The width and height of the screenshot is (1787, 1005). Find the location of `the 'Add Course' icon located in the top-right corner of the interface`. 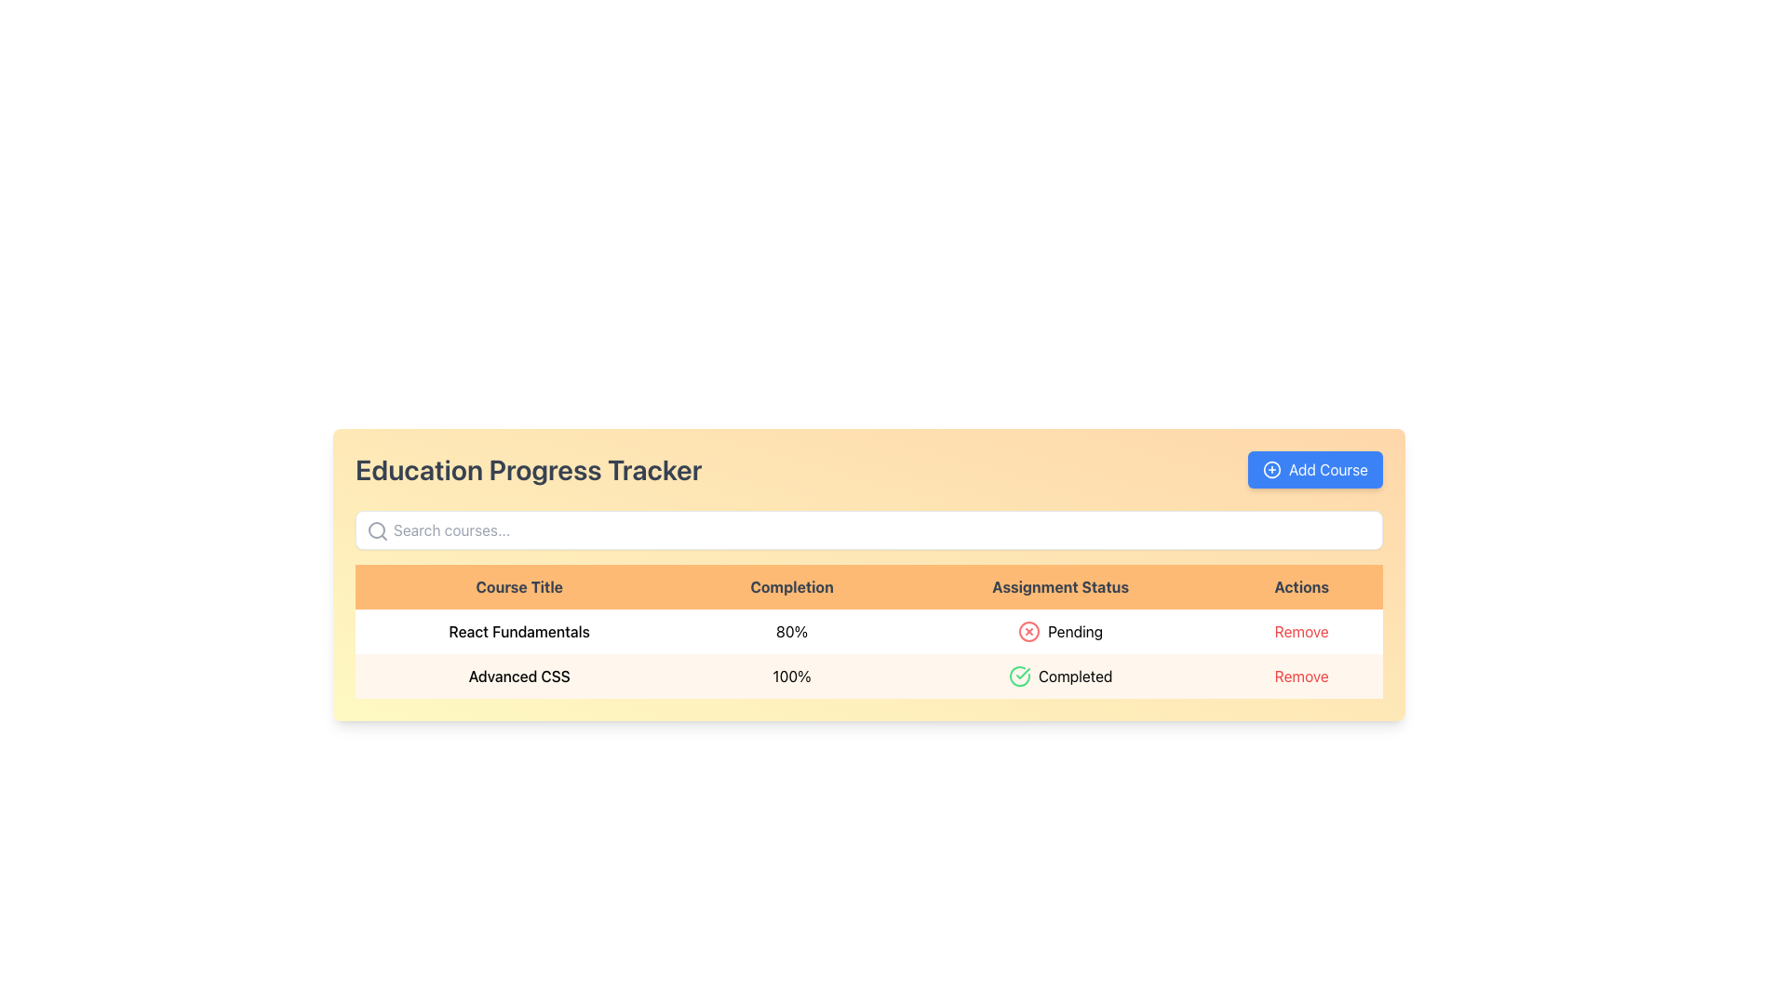

the 'Add Course' icon located in the top-right corner of the interface is located at coordinates (1271, 469).